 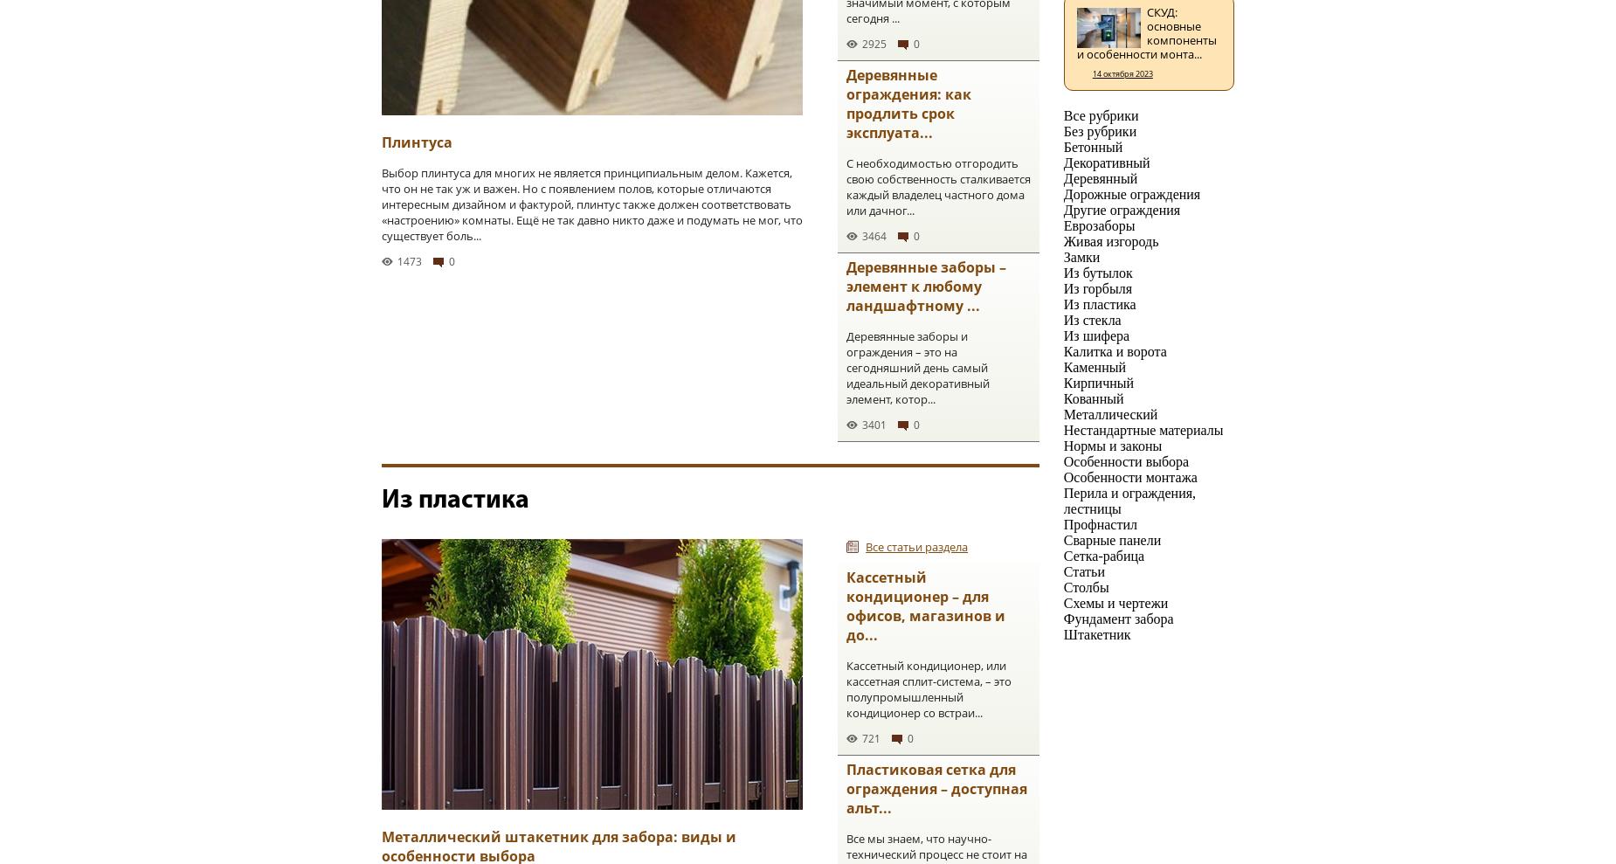 I want to click on '721', so click(x=870, y=738).